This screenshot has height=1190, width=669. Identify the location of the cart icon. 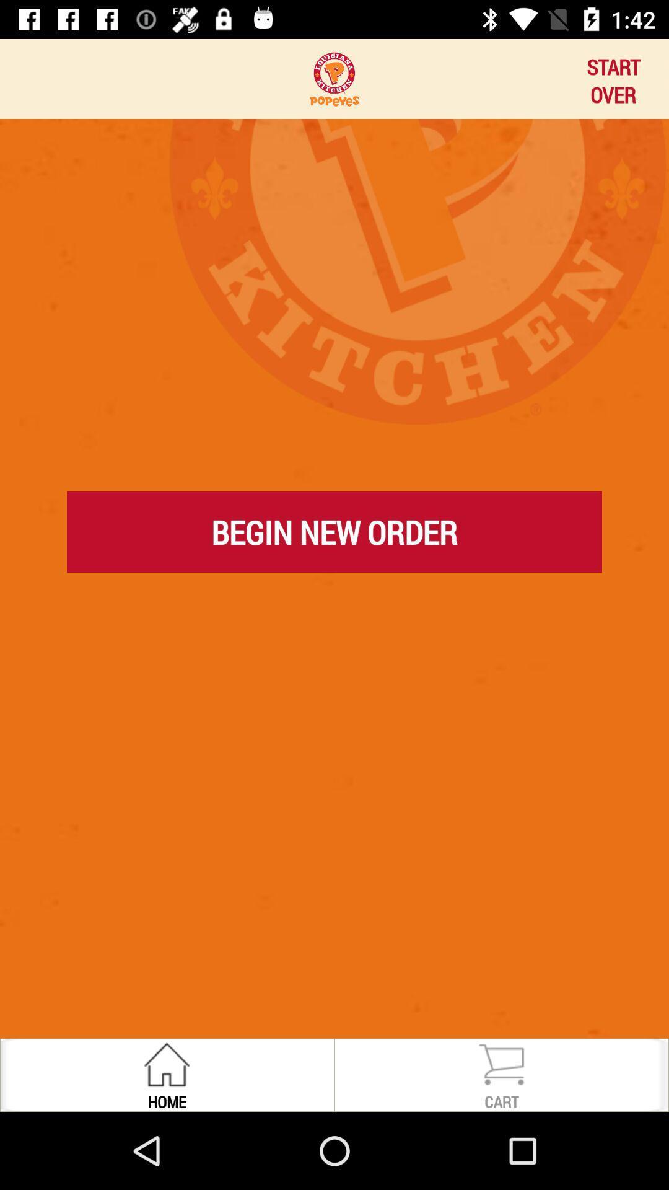
(502, 1101).